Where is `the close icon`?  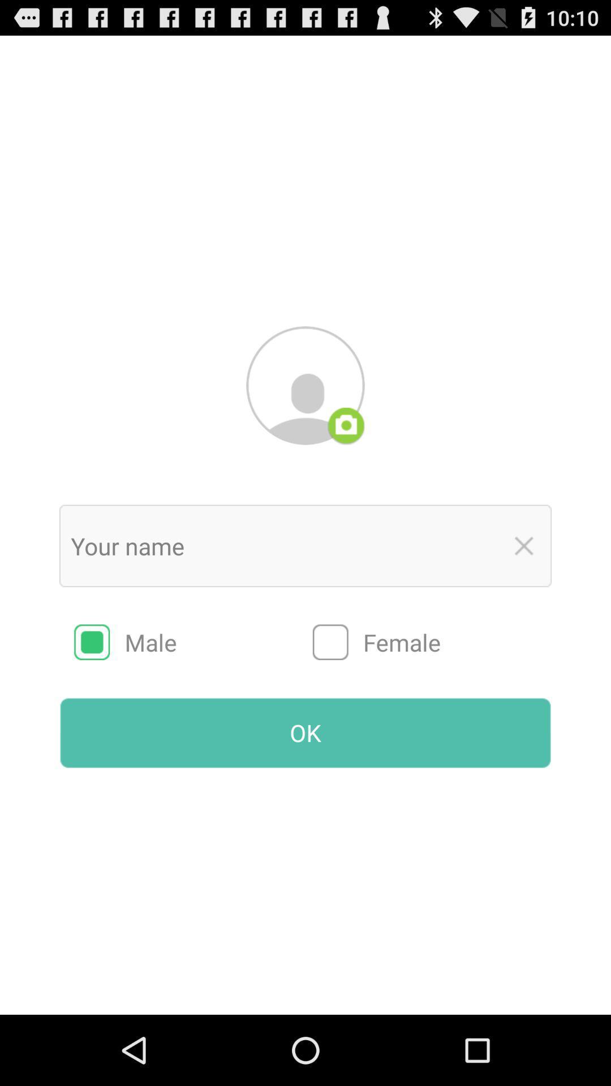 the close icon is located at coordinates (524, 584).